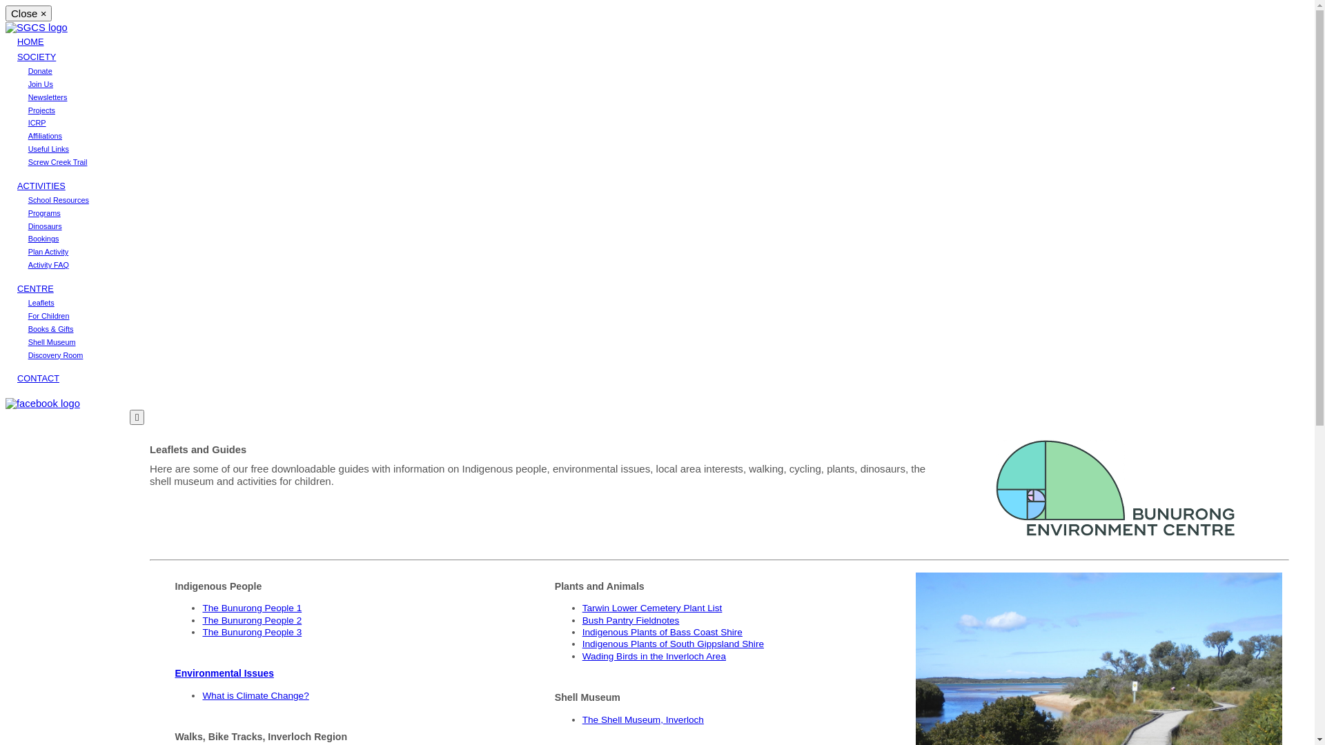 The image size is (1325, 745). What do you see at coordinates (662, 632) in the screenshot?
I see `'Indigenous Plants of Bass Coast Shire'` at bounding box center [662, 632].